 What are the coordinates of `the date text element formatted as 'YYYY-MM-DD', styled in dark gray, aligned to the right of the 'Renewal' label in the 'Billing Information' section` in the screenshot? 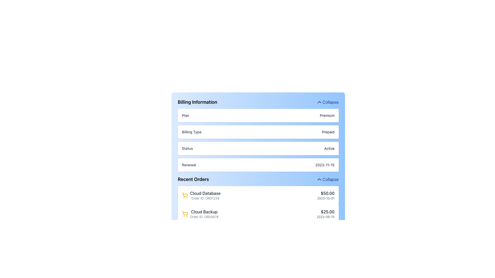 It's located at (325, 165).